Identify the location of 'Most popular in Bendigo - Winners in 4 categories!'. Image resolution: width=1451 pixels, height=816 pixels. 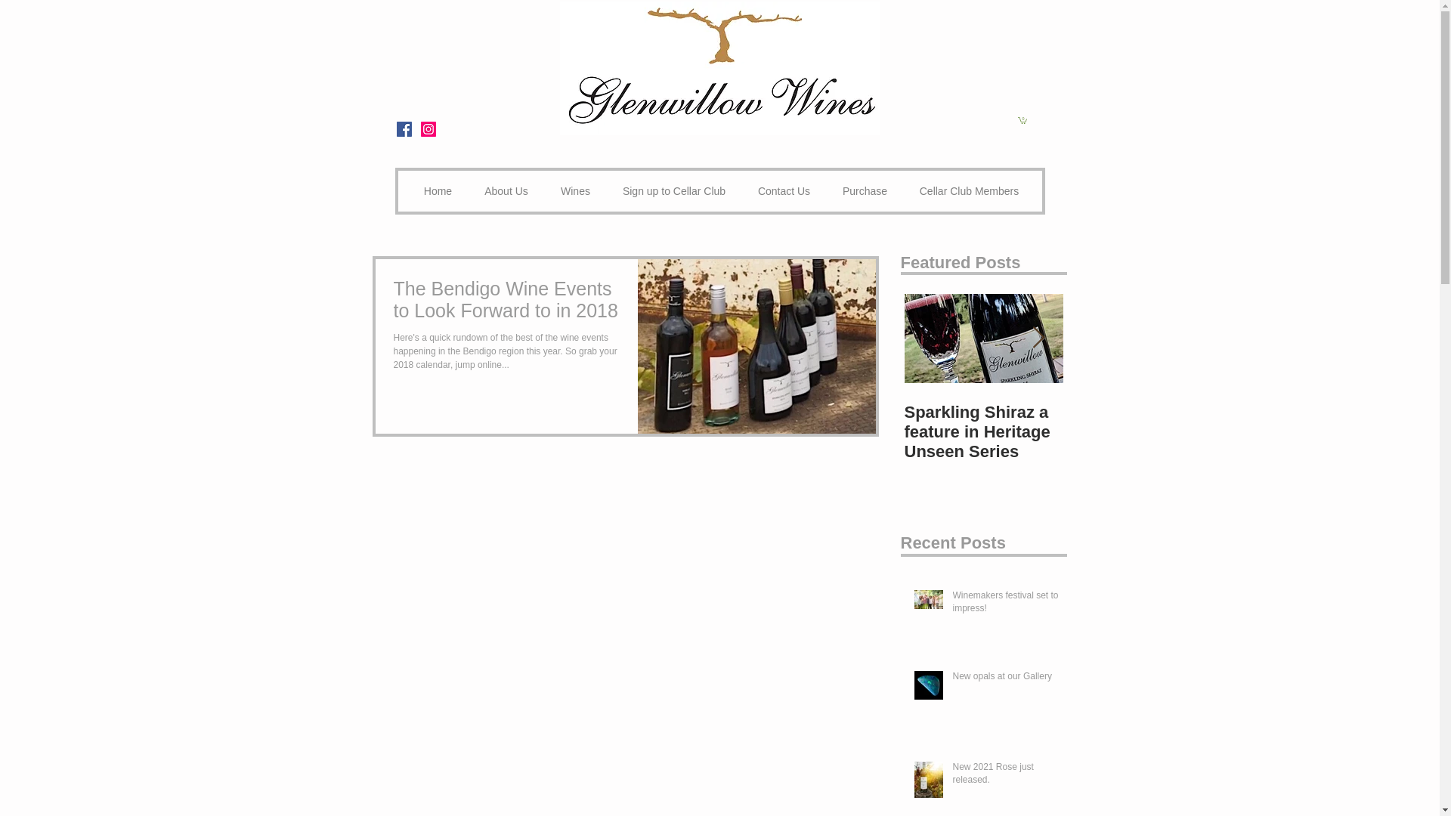
(1062, 431).